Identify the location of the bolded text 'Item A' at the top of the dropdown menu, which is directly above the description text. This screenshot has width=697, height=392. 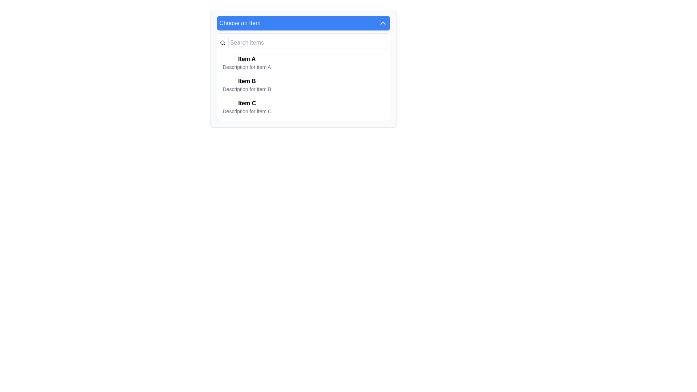
(247, 58).